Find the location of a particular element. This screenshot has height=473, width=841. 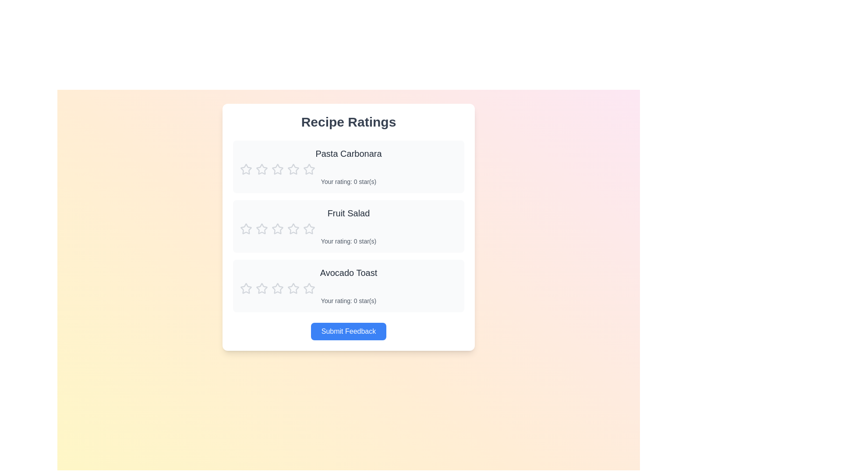

the first star icon in the rating section of the 'Avocado Toast' row for keyboard navigation is located at coordinates (309, 288).